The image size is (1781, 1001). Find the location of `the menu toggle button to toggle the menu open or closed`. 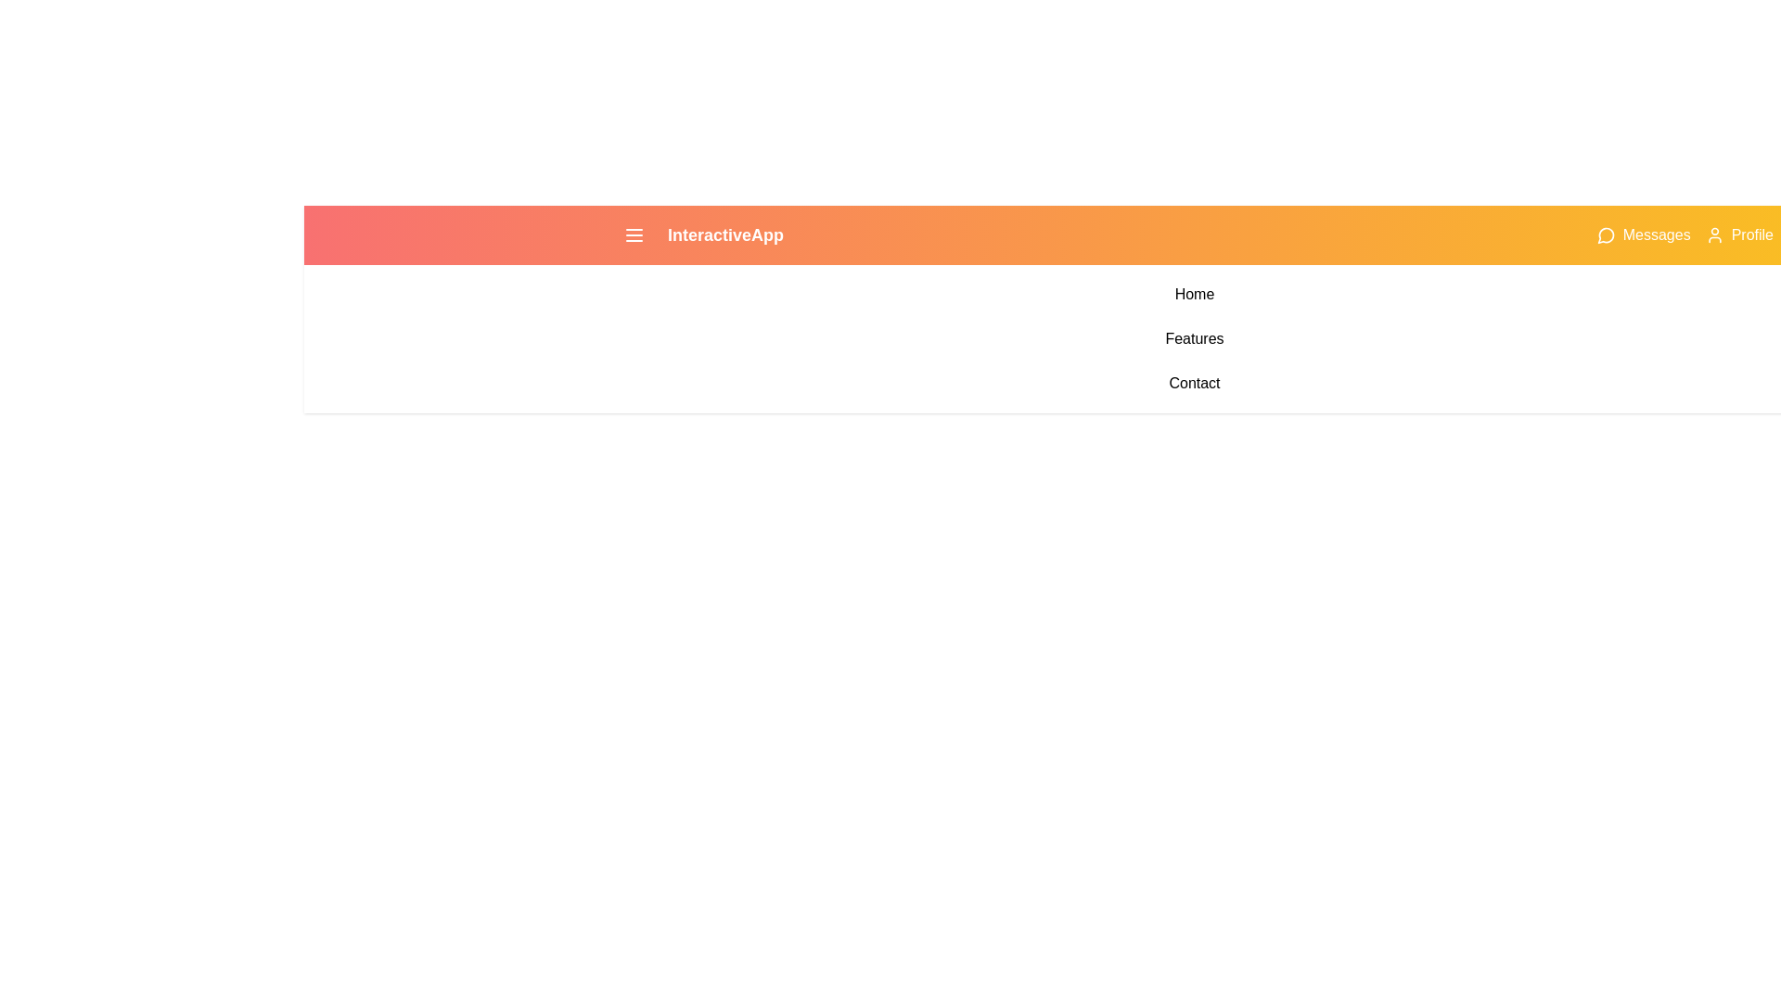

the menu toggle button to toggle the menu open or closed is located at coordinates (634, 234).